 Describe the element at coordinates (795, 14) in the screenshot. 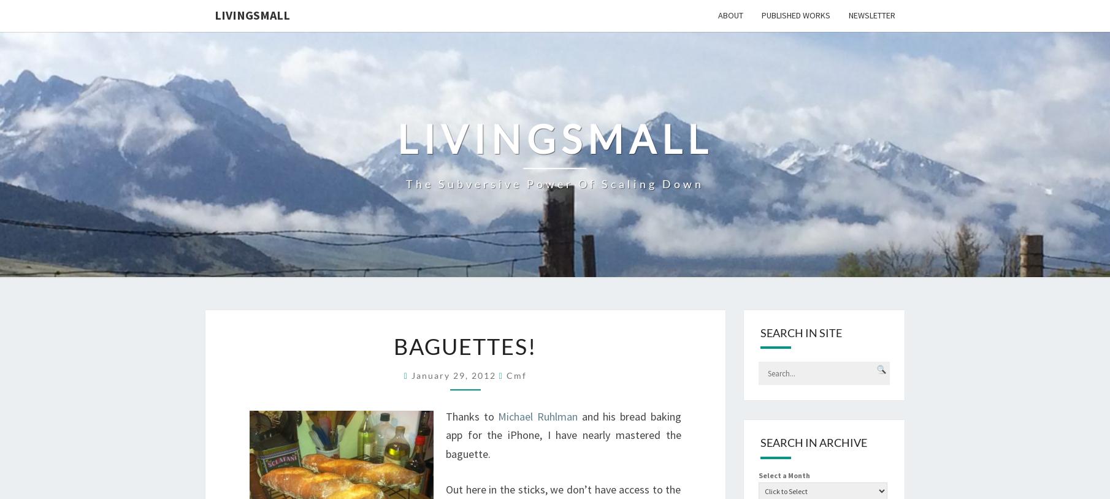

I see `'Published Works'` at that location.